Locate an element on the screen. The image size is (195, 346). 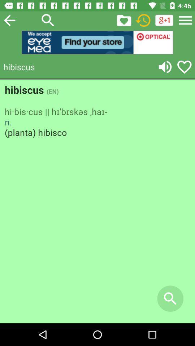
open menu is located at coordinates (185, 20).